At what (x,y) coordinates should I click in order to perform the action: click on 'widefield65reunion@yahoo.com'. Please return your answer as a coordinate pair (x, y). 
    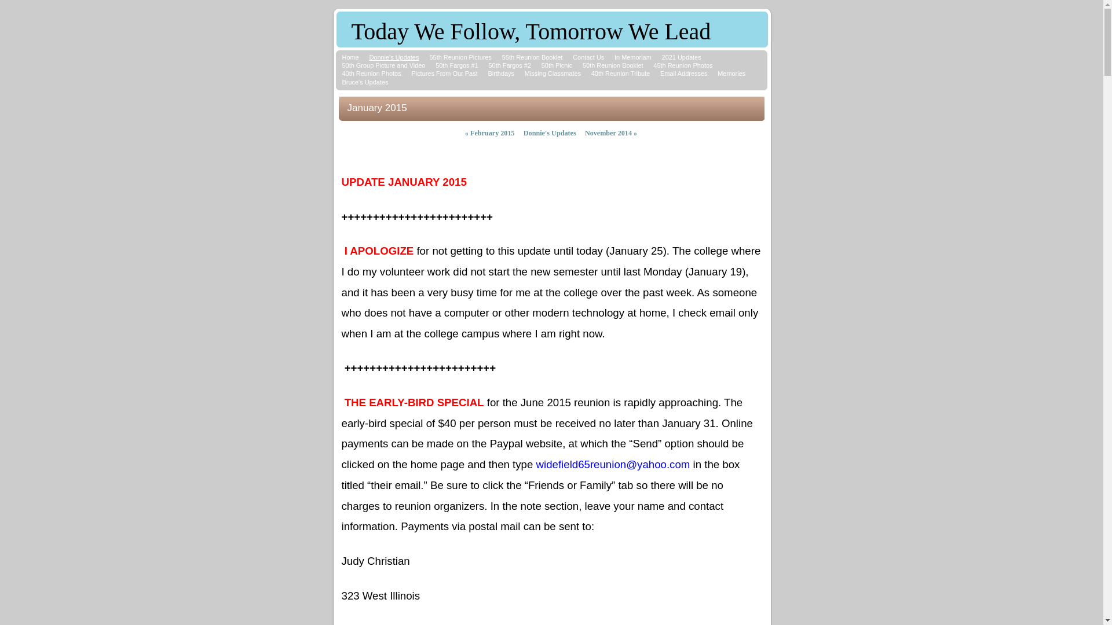
    Looking at the image, I should click on (613, 464).